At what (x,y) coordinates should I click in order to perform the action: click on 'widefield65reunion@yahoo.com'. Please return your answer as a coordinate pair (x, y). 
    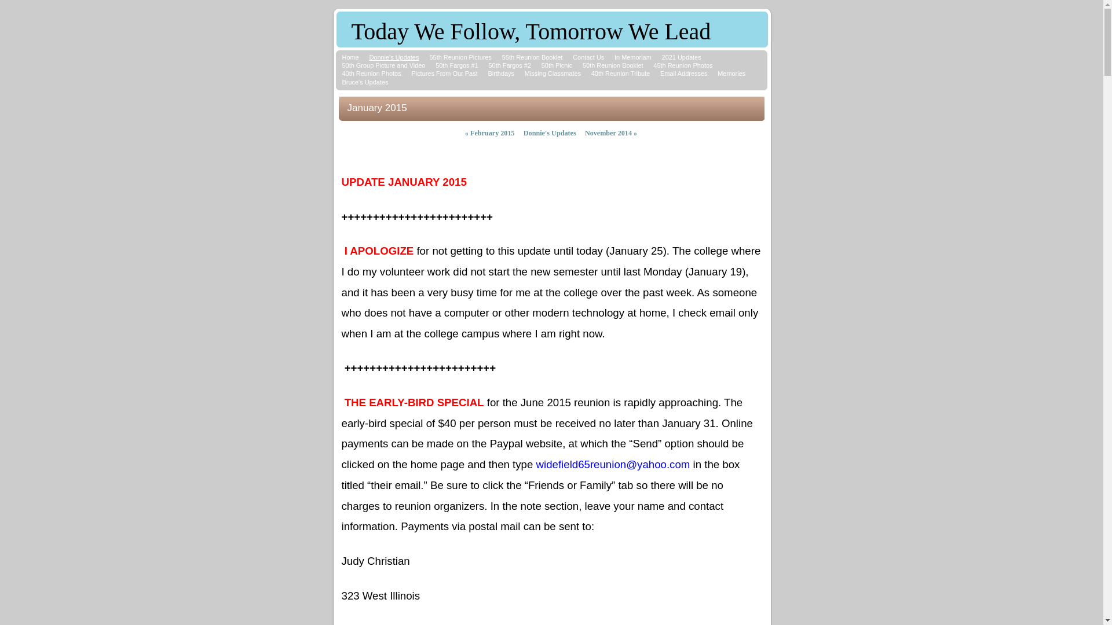
    Looking at the image, I should click on (613, 464).